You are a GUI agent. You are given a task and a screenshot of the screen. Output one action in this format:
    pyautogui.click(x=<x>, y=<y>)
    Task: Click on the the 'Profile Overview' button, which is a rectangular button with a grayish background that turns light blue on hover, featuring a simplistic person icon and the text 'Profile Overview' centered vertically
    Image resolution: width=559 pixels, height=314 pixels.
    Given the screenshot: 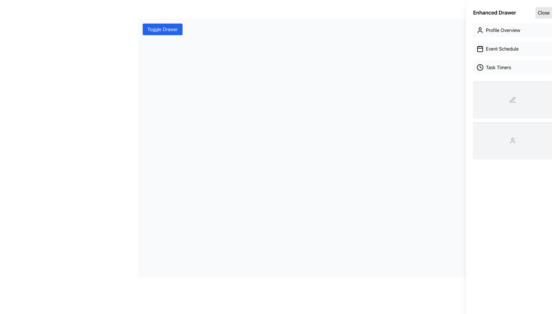 What is the action you would take?
    pyautogui.click(x=512, y=30)
    